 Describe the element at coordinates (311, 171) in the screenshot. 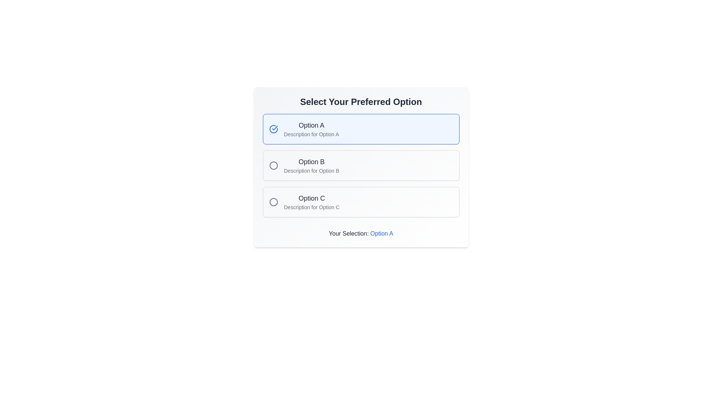

I see `the Text Label containing 'Description for Option B', which is styled with a small gray font and located beneath the title 'Option B'` at that location.